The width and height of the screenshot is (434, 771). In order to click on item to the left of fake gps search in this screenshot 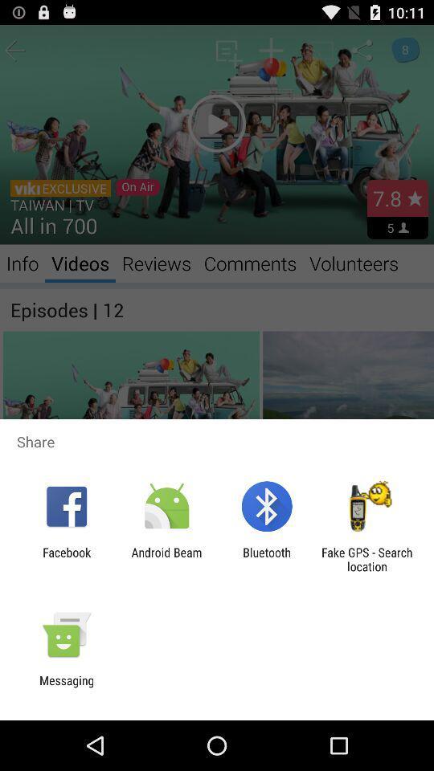, I will do `click(267, 559)`.